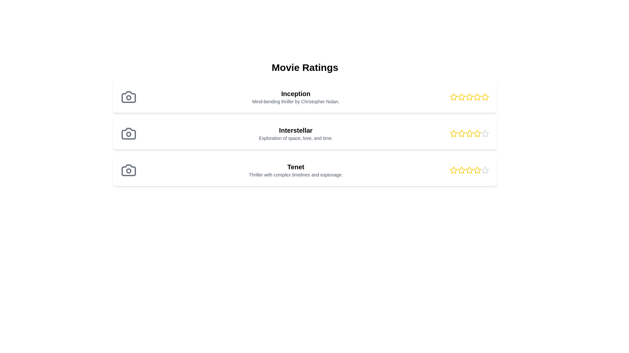 The image size is (629, 353). I want to click on the third hollow yellow star in the rating widget for the movie 'Tenet', so click(461, 170).